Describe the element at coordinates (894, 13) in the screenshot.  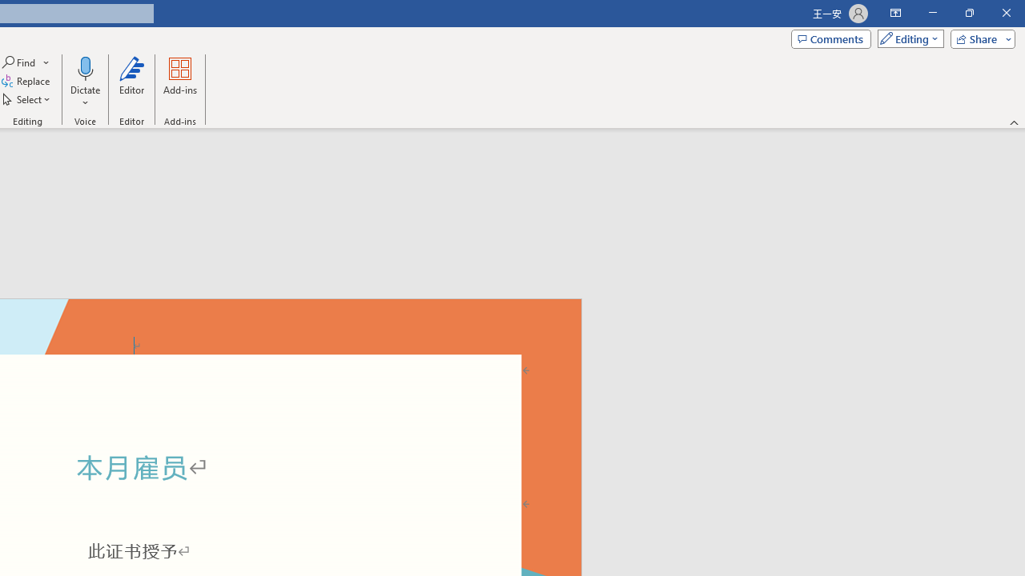
I see `'Ribbon Display Options'` at that location.